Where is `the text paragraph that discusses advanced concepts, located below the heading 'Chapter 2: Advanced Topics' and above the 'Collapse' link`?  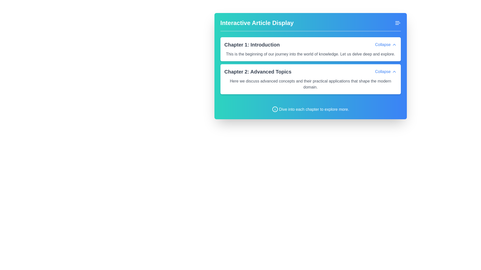
the text paragraph that discusses advanced concepts, located below the heading 'Chapter 2: Advanced Topics' and above the 'Collapse' link is located at coordinates (310, 82).